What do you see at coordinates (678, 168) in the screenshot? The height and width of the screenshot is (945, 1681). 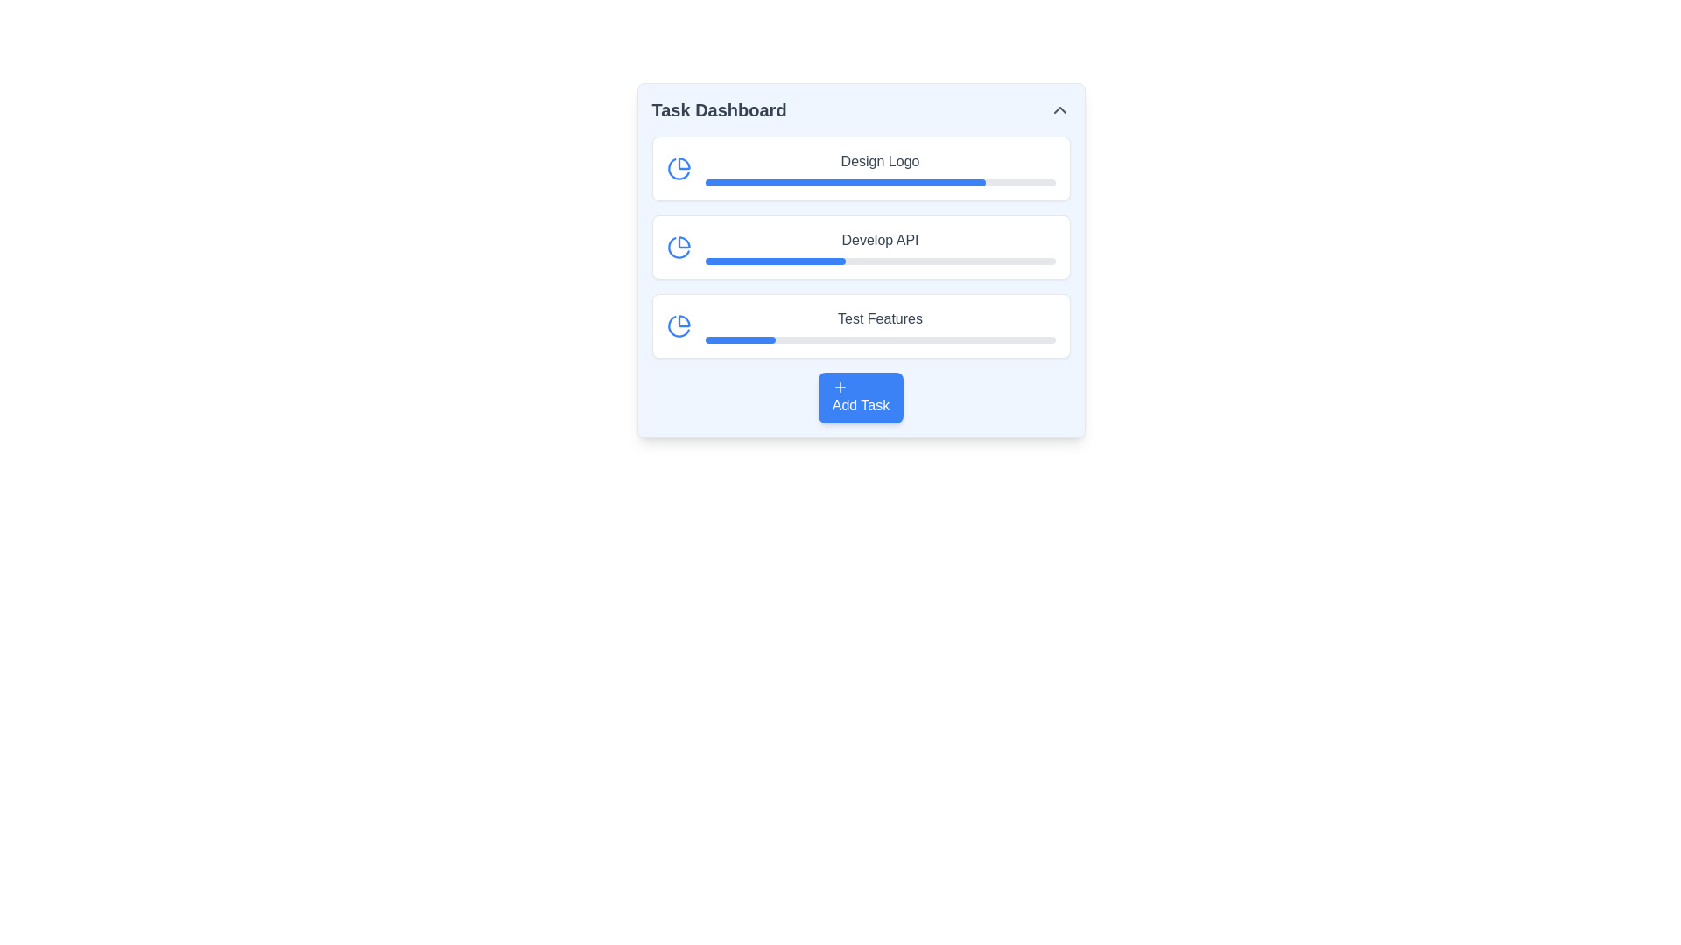 I see `the blue pie chart icon located near the top-left corner of the 'Design Logo' section in the task dashboard` at bounding box center [678, 168].